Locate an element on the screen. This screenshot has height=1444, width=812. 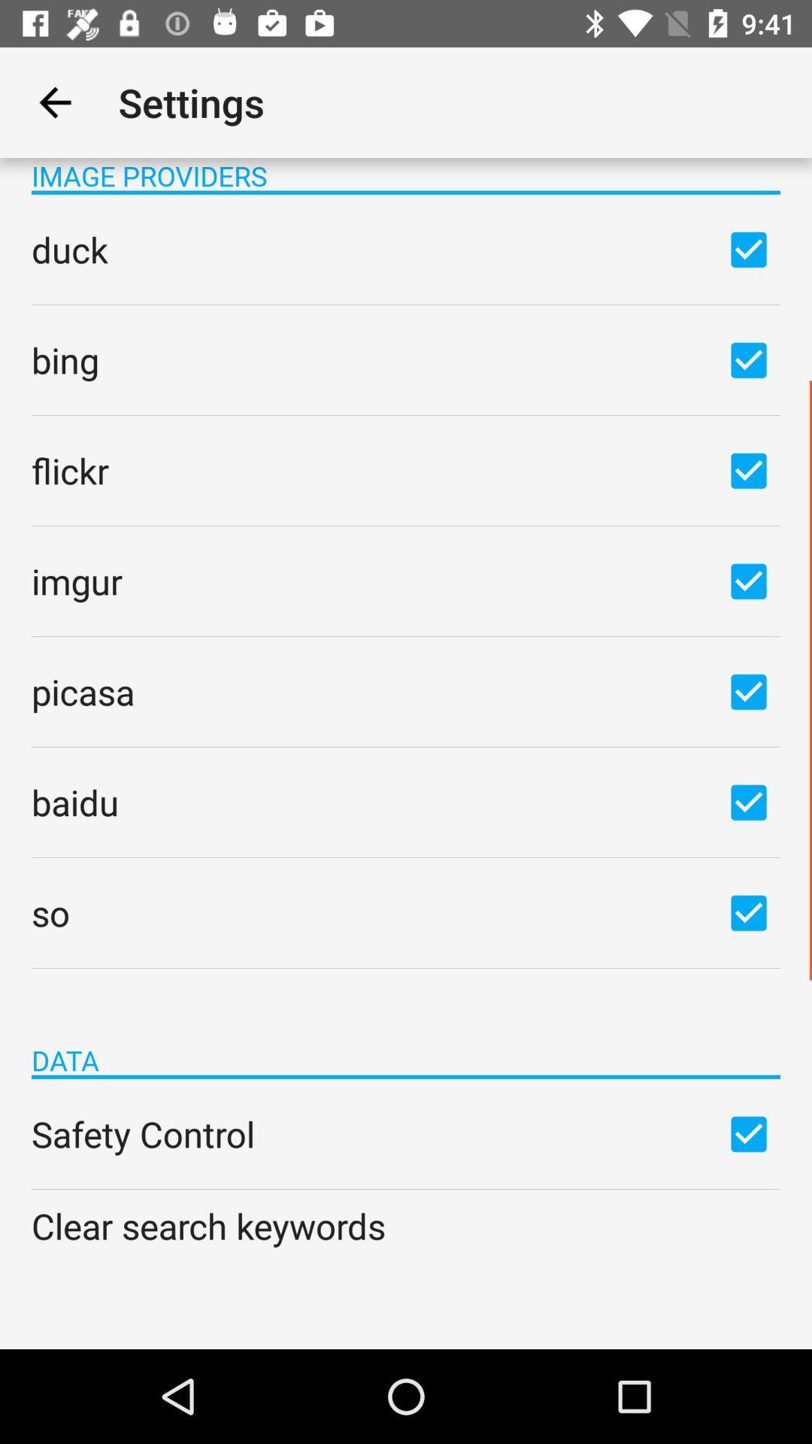
deselect option is located at coordinates (748, 249).